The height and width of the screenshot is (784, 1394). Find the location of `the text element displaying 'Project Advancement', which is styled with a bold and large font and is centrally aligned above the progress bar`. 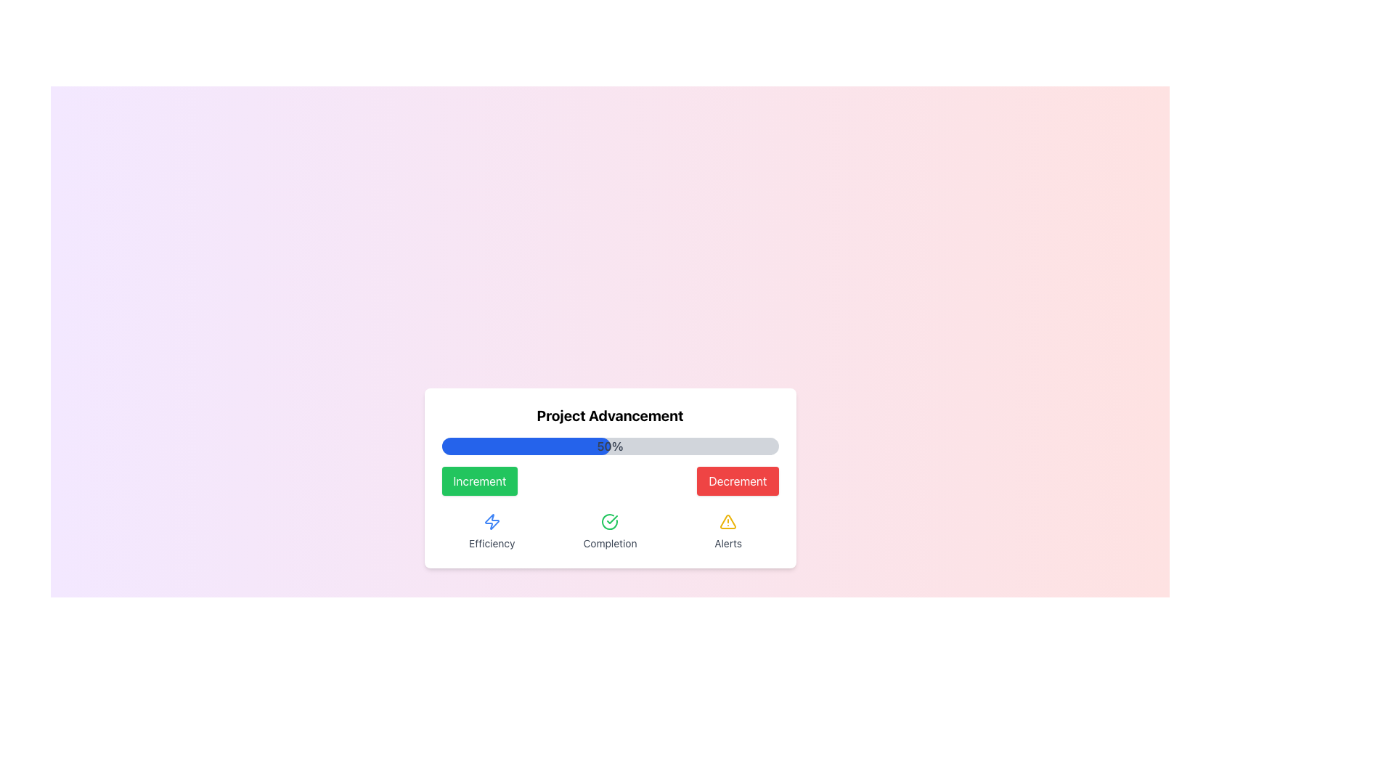

the text element displaying 'Project Advancement', which is styled with a bold and large font and is centrally aligned above the progress bar is located at coordinates (610, 416).